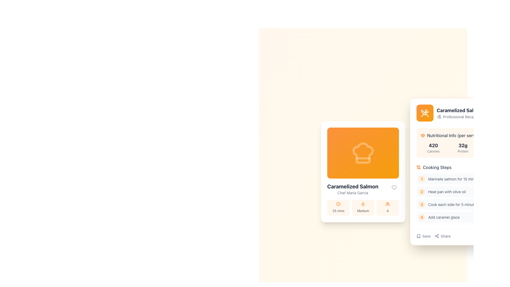 The width and height of the screenshot is (510, 287). Describe the element at coordinates (462, 147) in the screenshot. I see `the static informational grid displaying nutritional values for a recipe, located in the 'Nutritional Info (per serving)' section, specifically the second row of information` at that location.